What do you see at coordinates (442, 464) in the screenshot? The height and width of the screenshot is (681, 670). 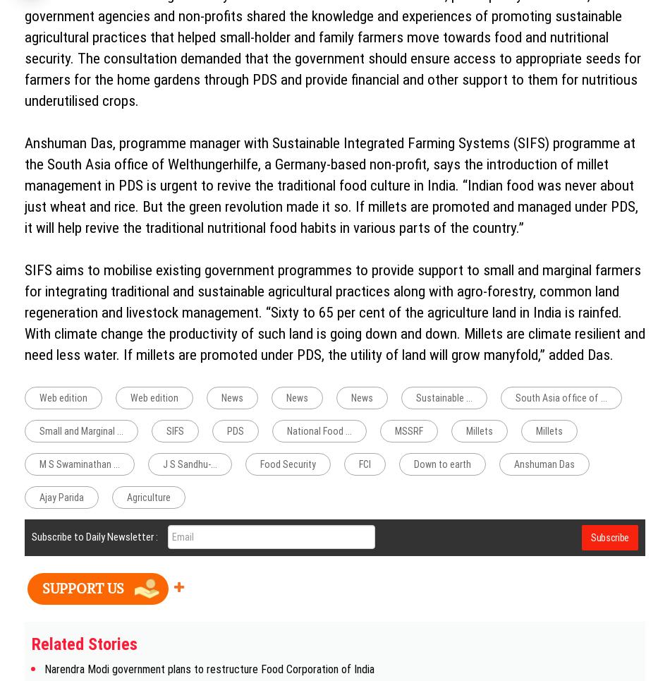 I see `'Down to earth'` at bounding box center [442, 464].